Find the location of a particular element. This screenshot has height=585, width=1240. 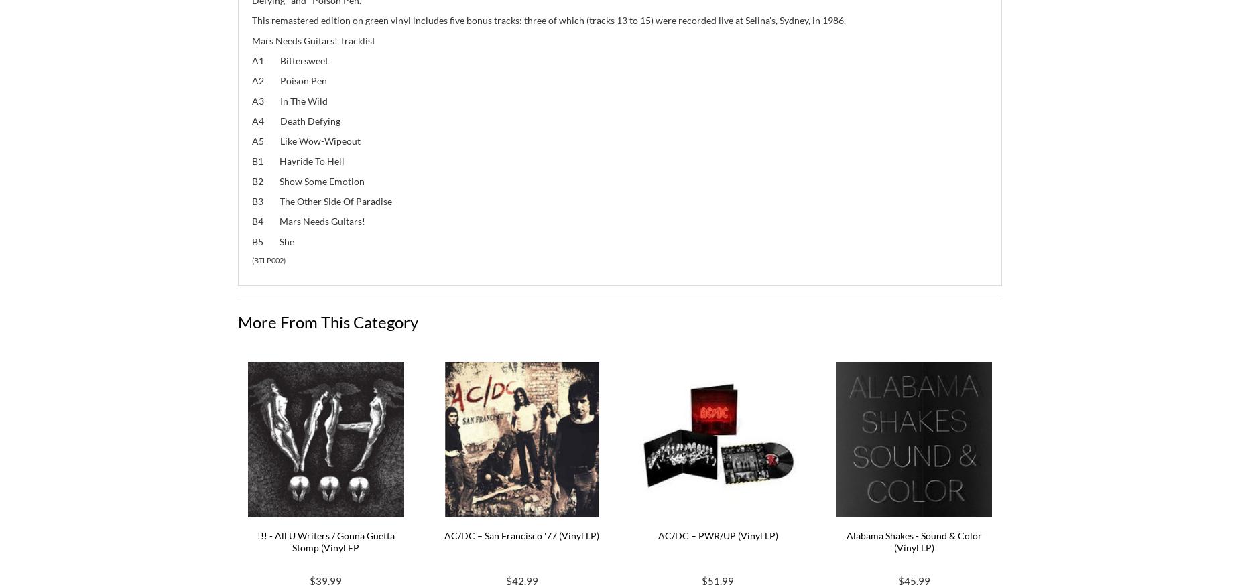

'AC/DC ‎– San Francisco '77 (Vinyl LP)' is located at coordinates (521, 535).